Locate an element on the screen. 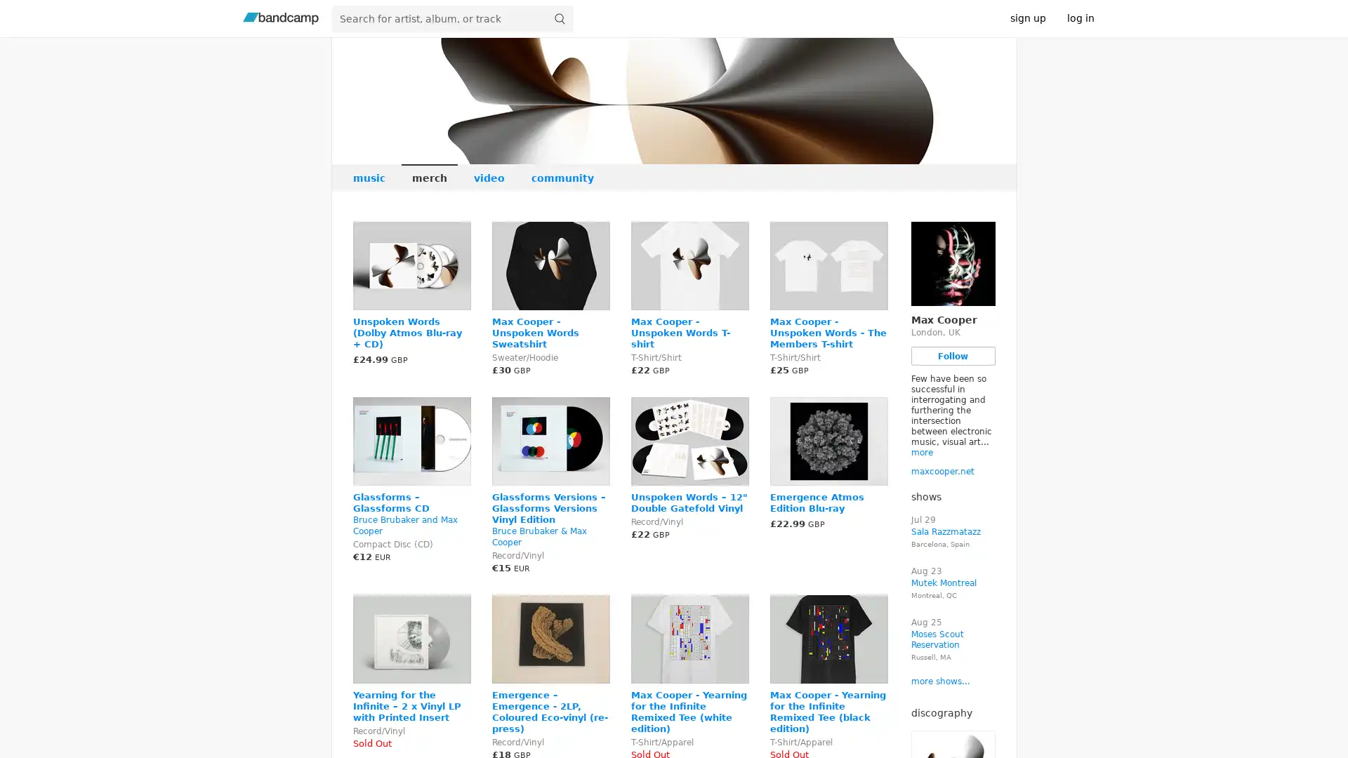 The width and height of the screenshot is (1348, 758). Follow is located at coordinates (953, 355).